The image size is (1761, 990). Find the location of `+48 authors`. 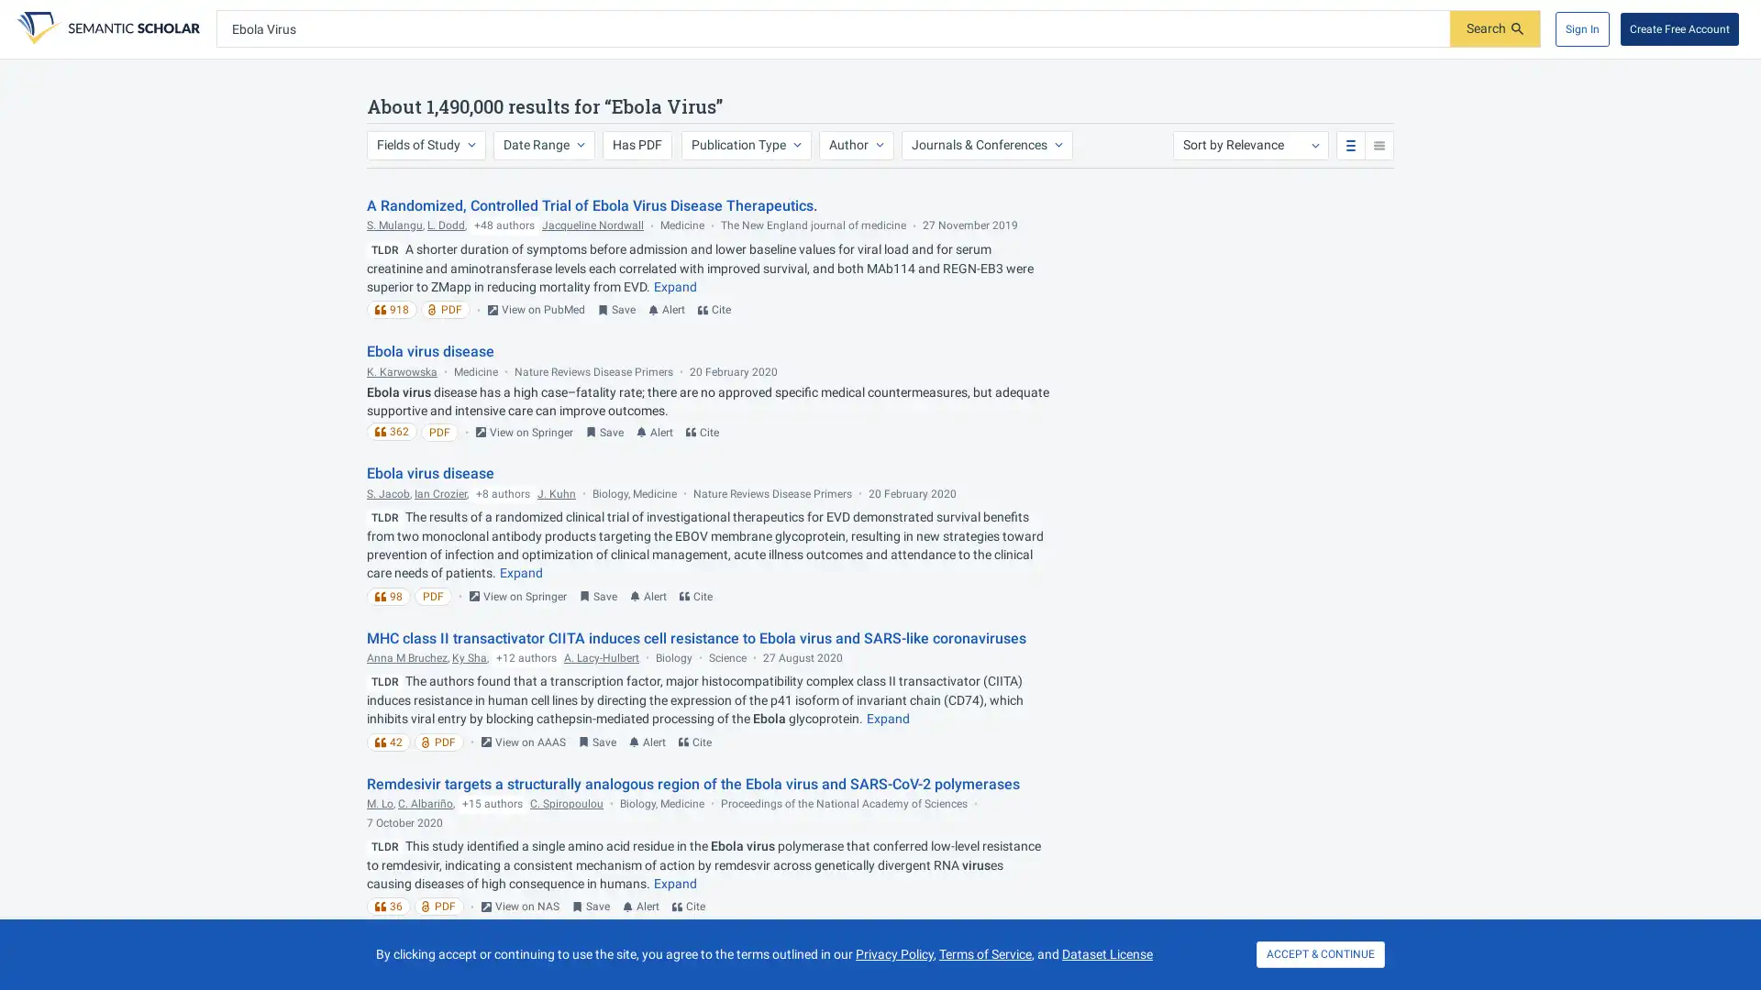

+48 authors is located at coordinates (504, 225).